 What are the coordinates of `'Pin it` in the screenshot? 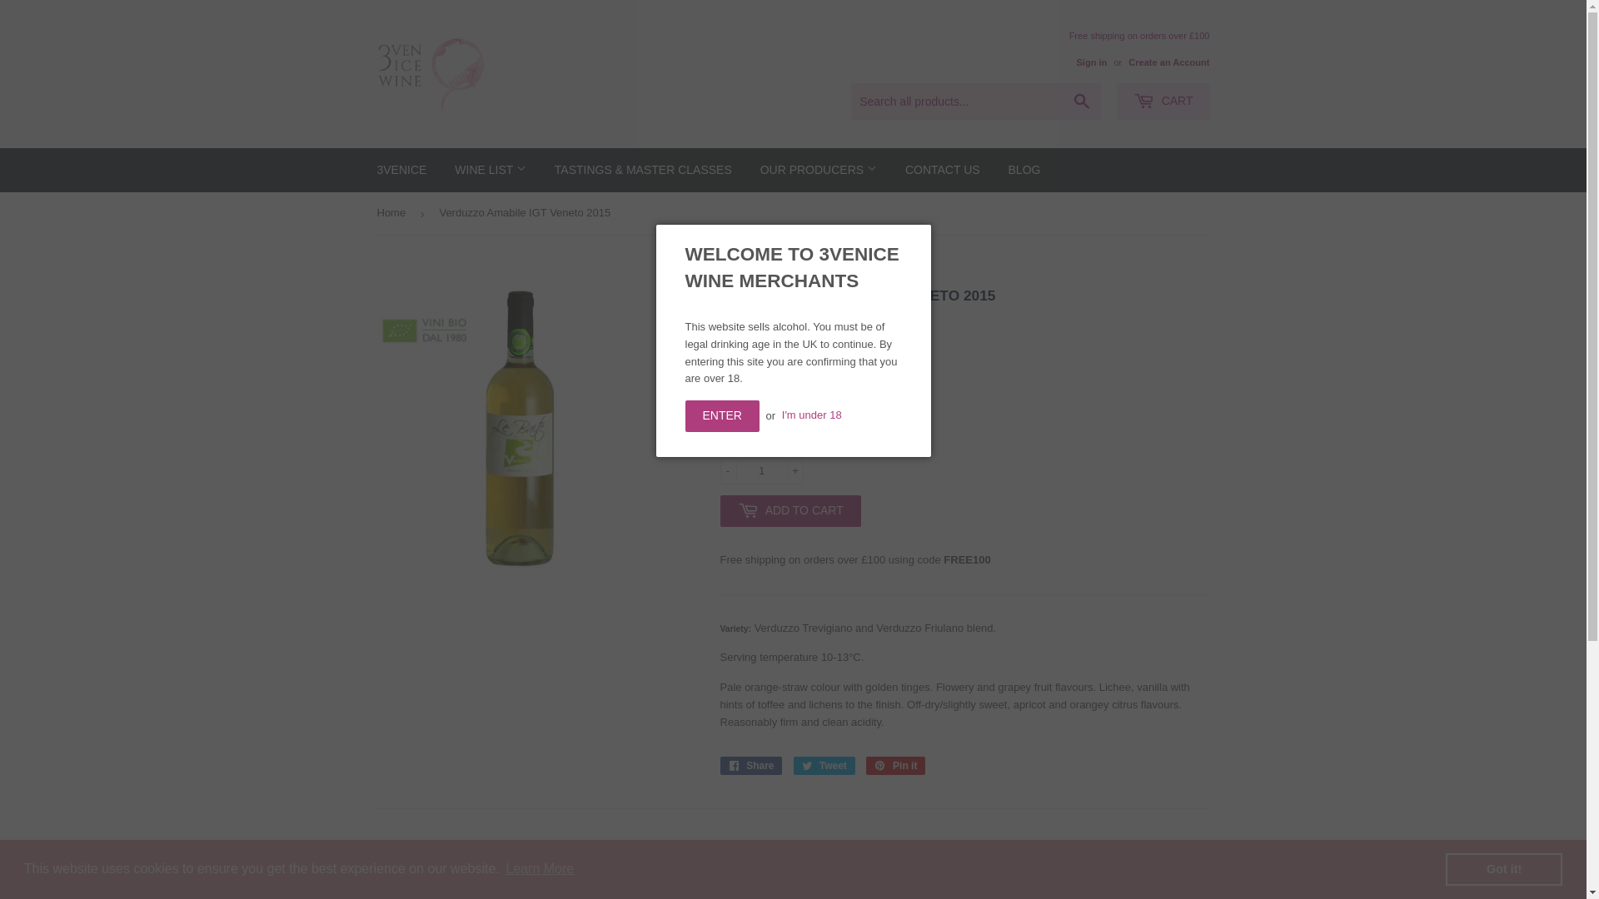 It's located at (894, 766).